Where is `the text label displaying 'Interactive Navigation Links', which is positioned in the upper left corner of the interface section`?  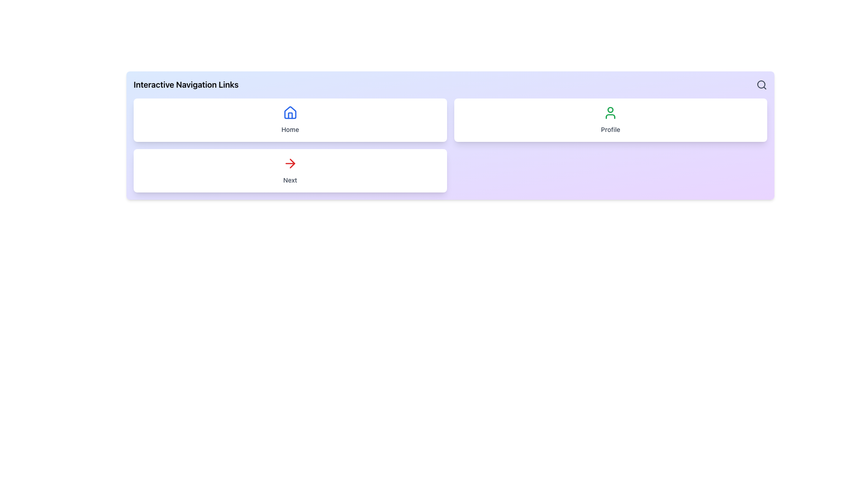 the text label displaying 'Interactive Navigation Links', which is positioned in the upper left corner of the interface section is located at coordinates (186, 85).